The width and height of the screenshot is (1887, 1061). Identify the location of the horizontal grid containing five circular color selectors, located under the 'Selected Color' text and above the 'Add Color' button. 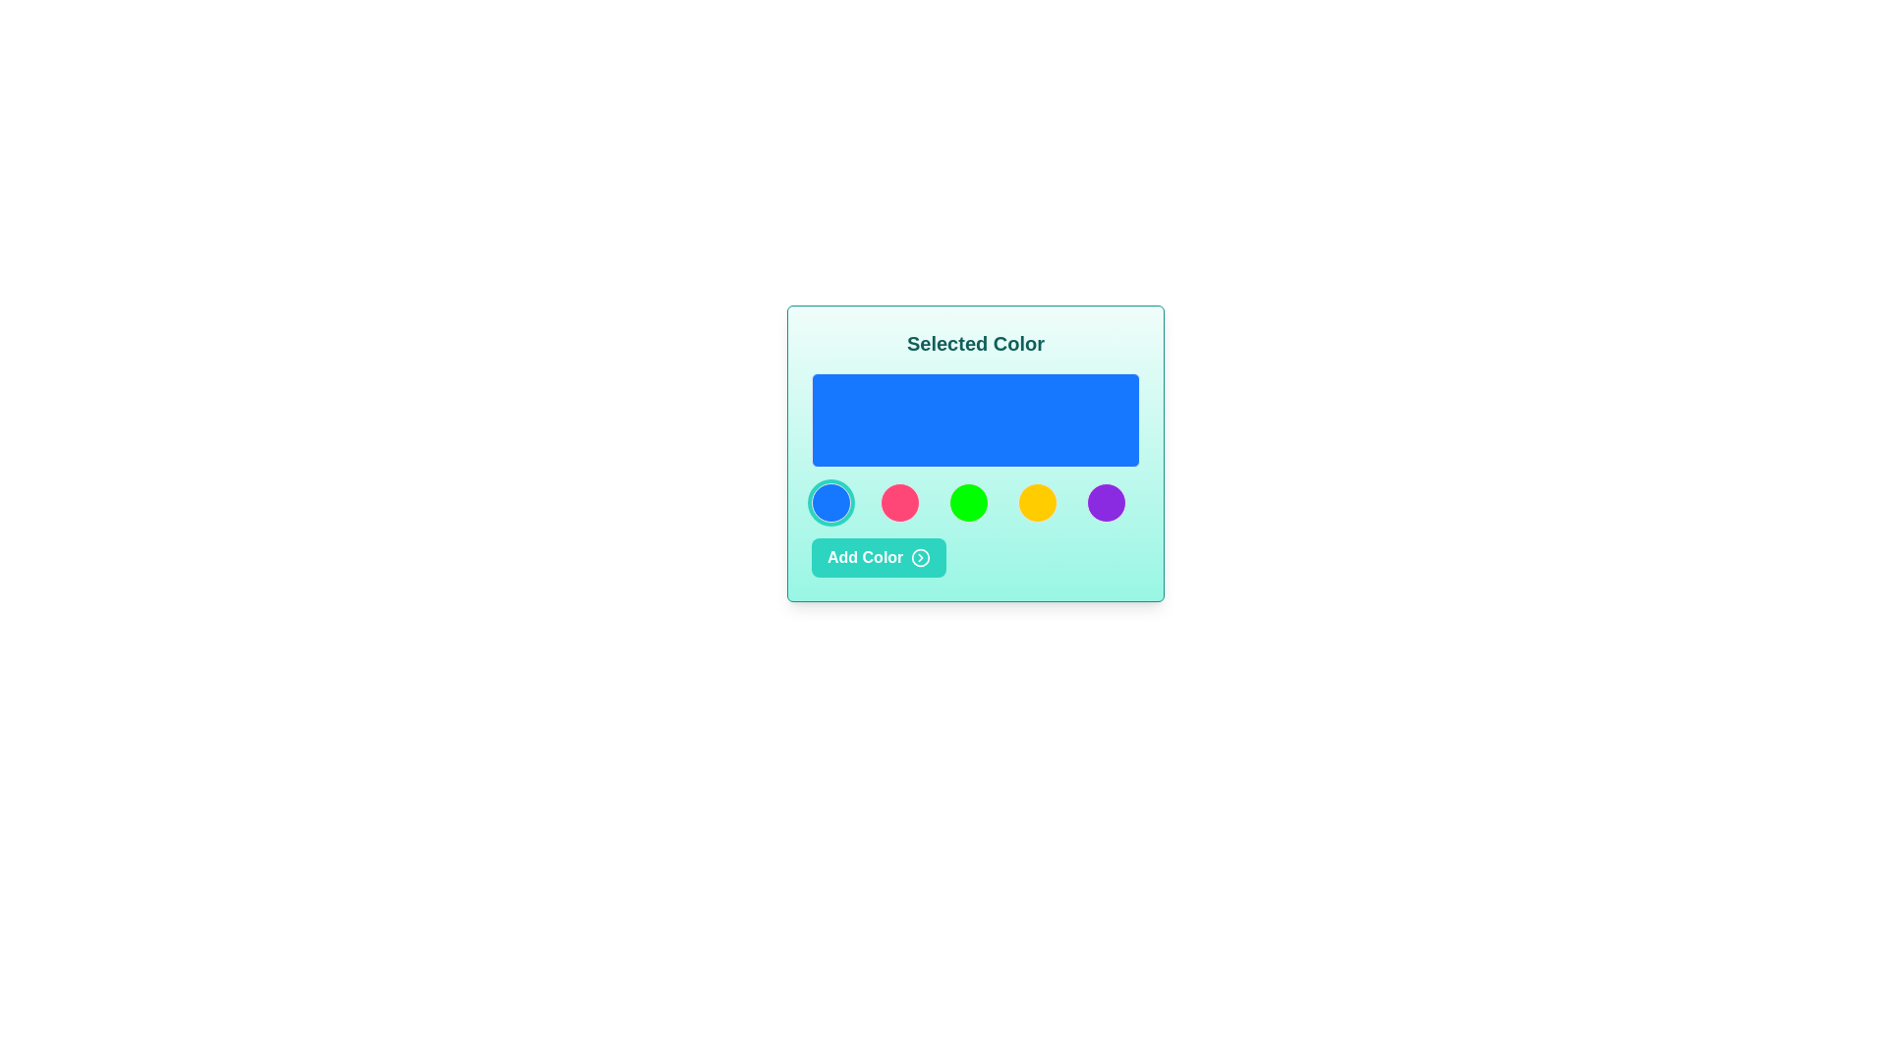
(976, 502).